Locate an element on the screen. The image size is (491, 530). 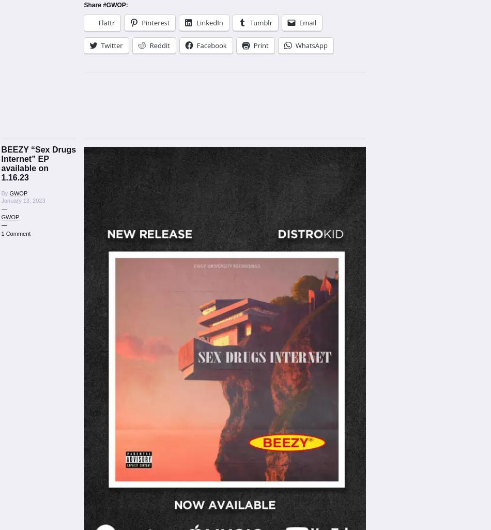
'BEEZY “Sex Drugs Internet” EP available on 1.16.23' is located at coordinates (38, 163).